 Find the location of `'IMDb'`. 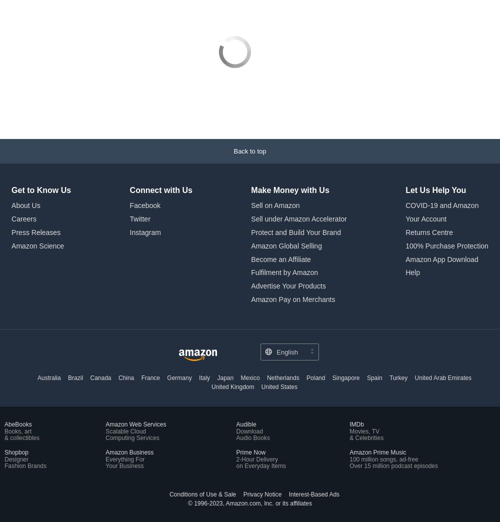

'IMDb' is located at coordinates (356, 423).